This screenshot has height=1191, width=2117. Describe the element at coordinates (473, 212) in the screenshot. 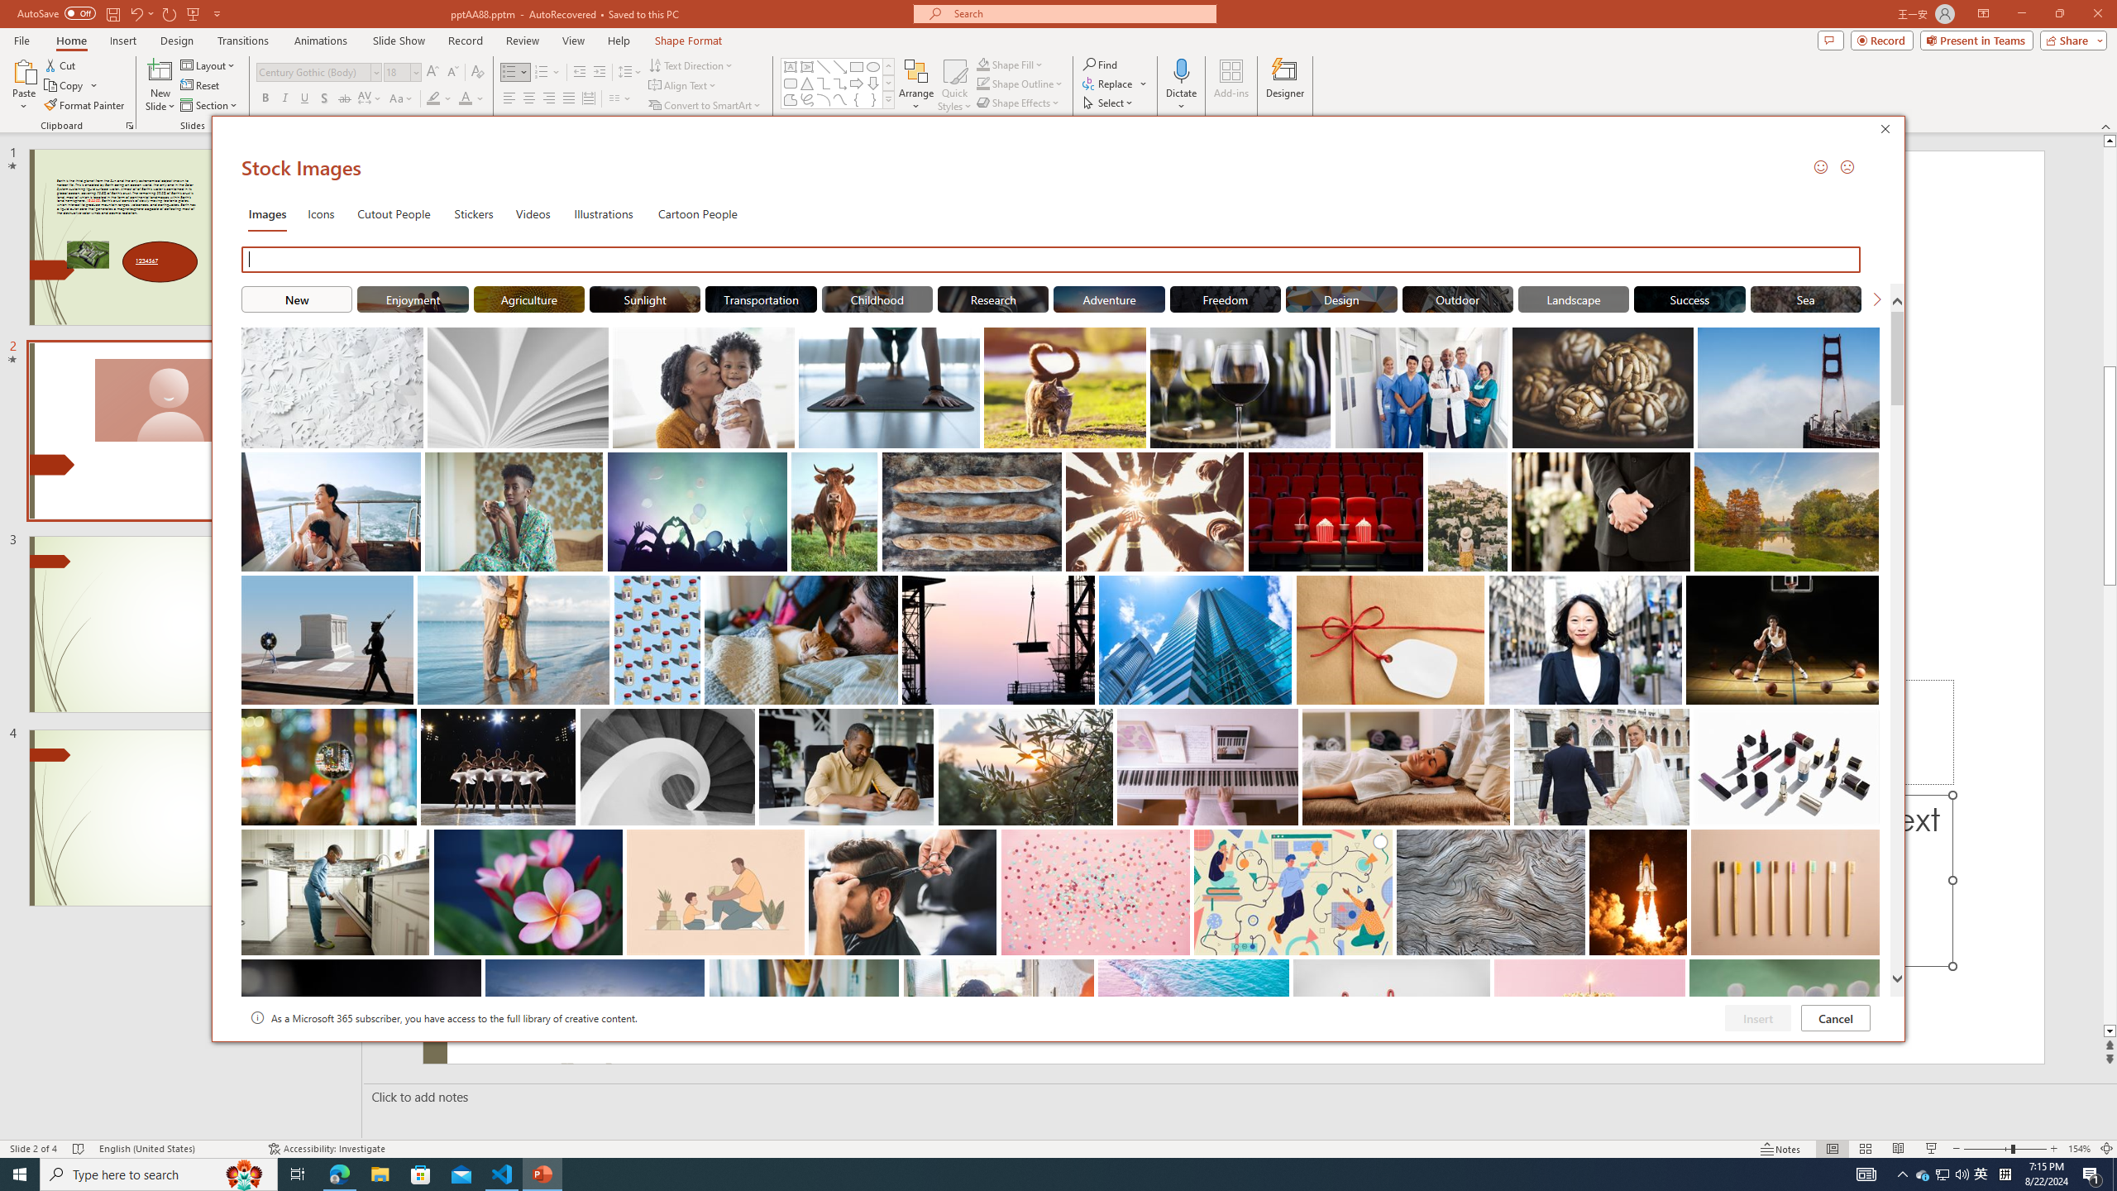

I see `'Stickers'` at that location.